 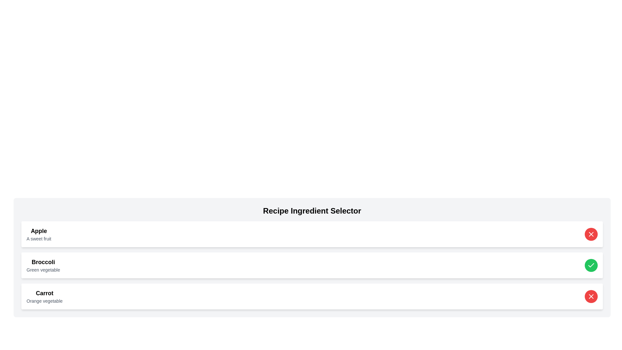 I want to click on the checkmark icon located in the right section of the 'Broccoli' list item to confirm selection, so click(x=591, y=265).